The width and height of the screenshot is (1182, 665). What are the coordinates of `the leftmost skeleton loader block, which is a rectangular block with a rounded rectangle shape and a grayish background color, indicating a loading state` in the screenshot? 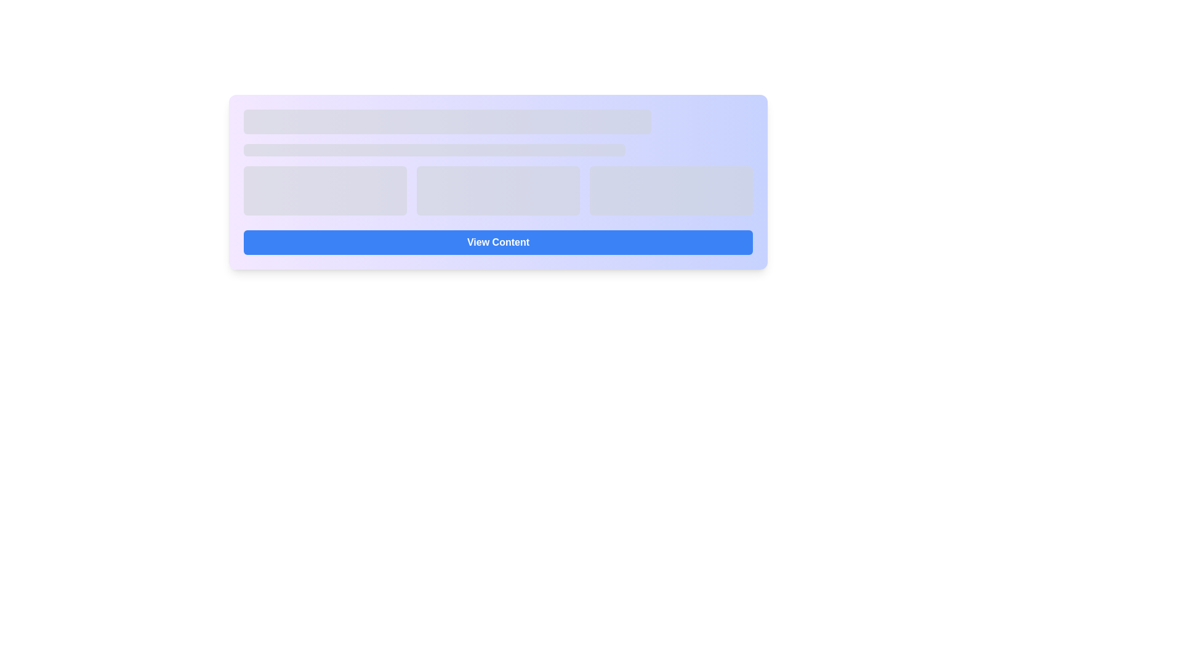 It's located at (325, 190).